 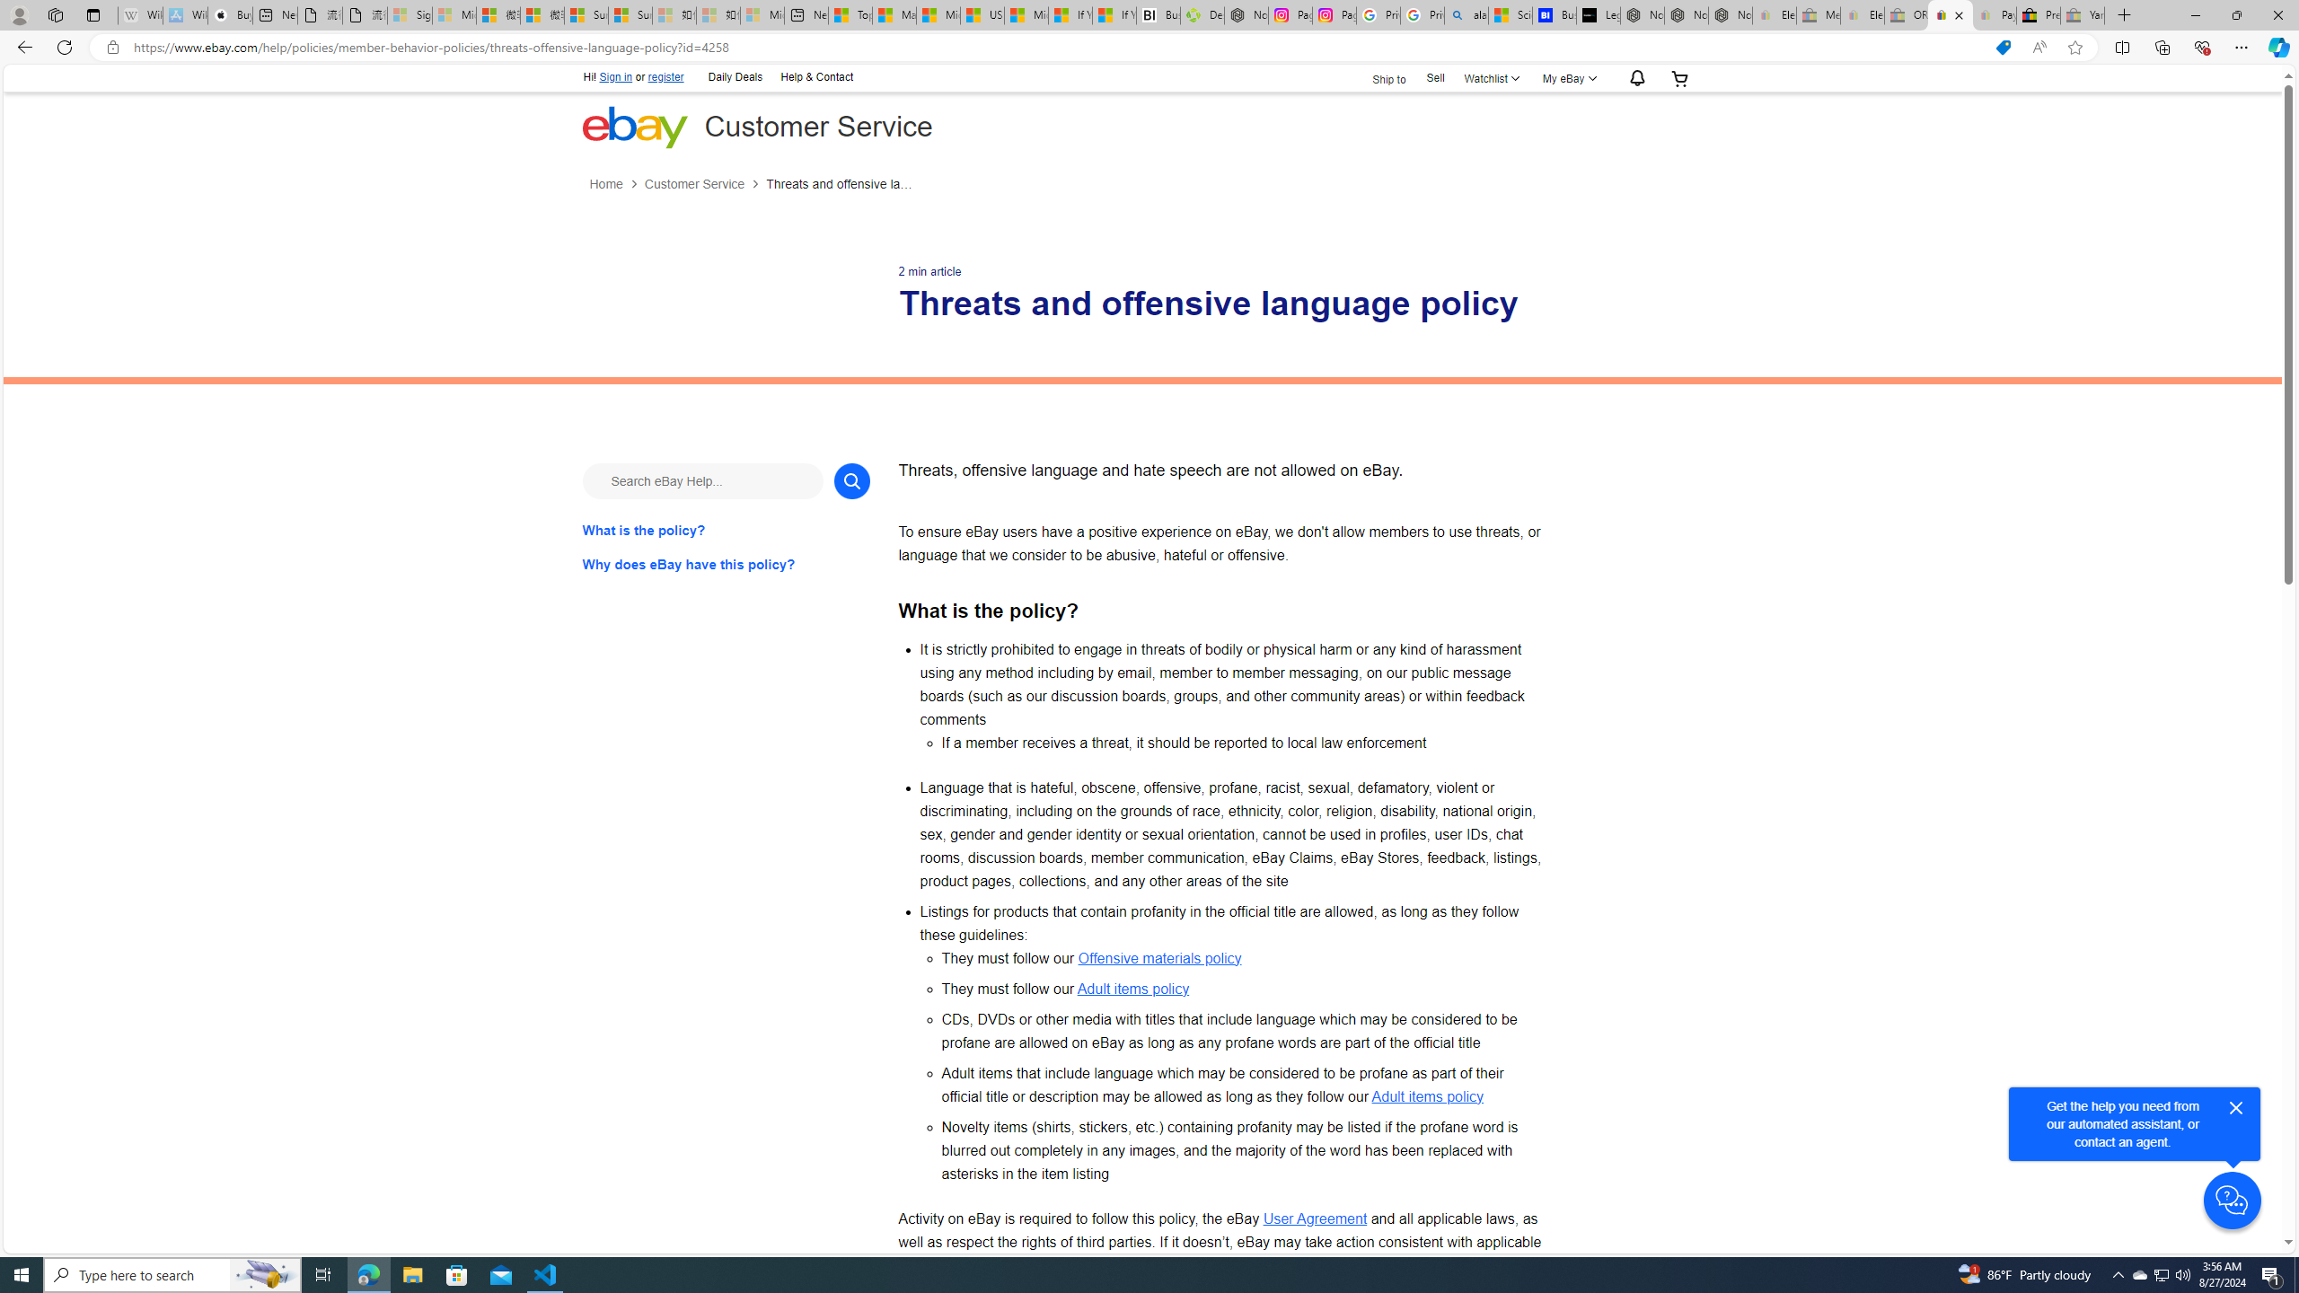 What do you see at coordinates (55, 14) in the screenshot?
I see `'Workspaces'` at bounding box center [55, 14].